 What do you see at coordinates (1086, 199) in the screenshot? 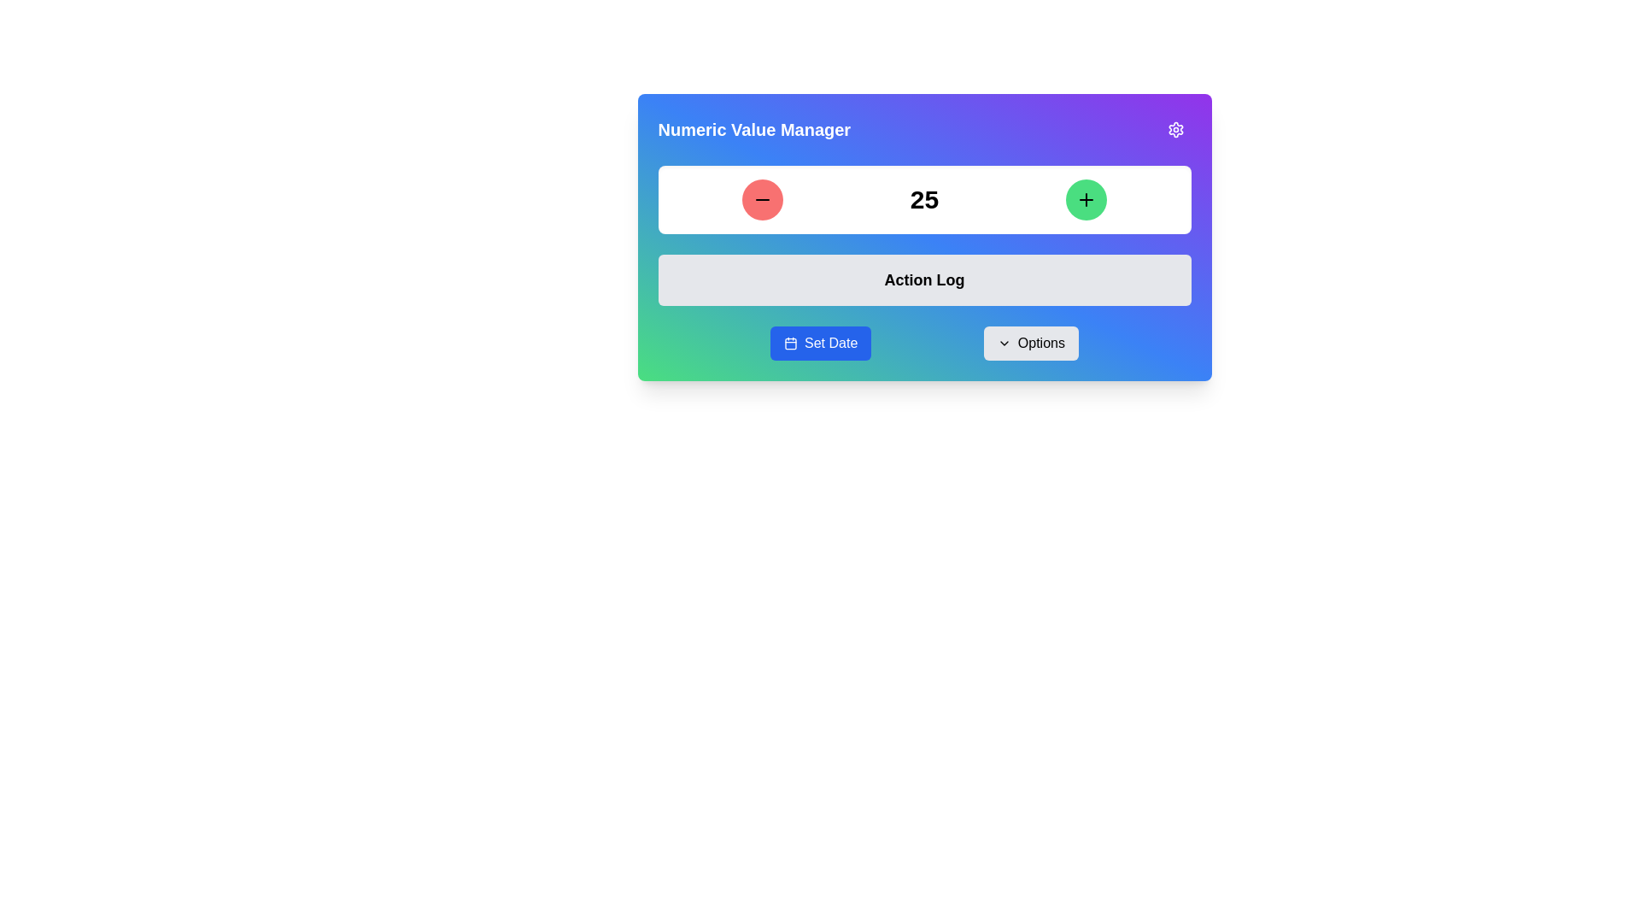
I see `the increment button located at the top-right corner of the numeric input section by tabbing` at bounding box center [1086, 199].